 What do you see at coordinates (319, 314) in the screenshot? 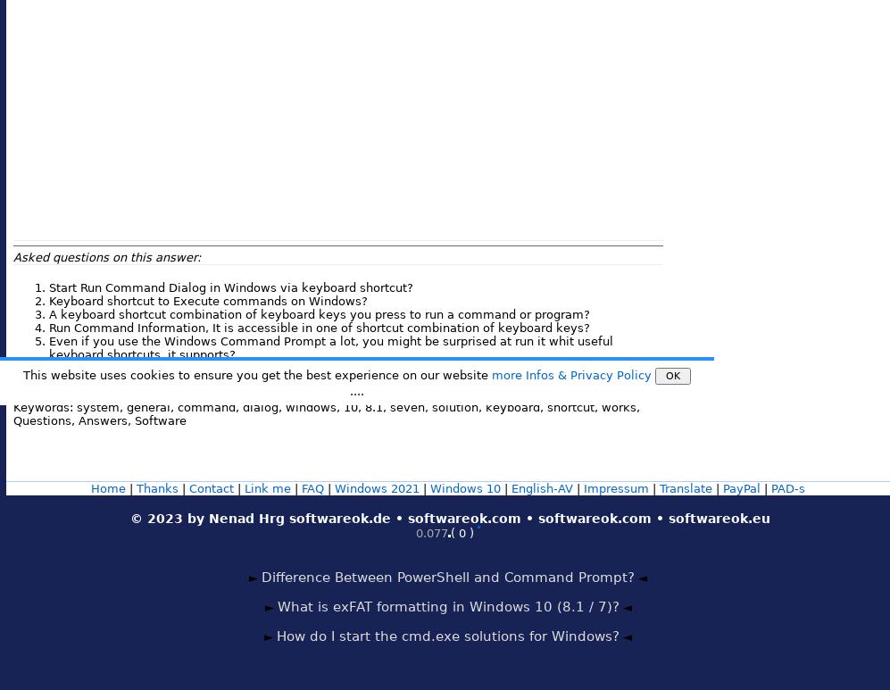
I see `'A keyboard shortcut combination of keyboard keys you press to run a command or program?'` at bounding box center [319, 314].